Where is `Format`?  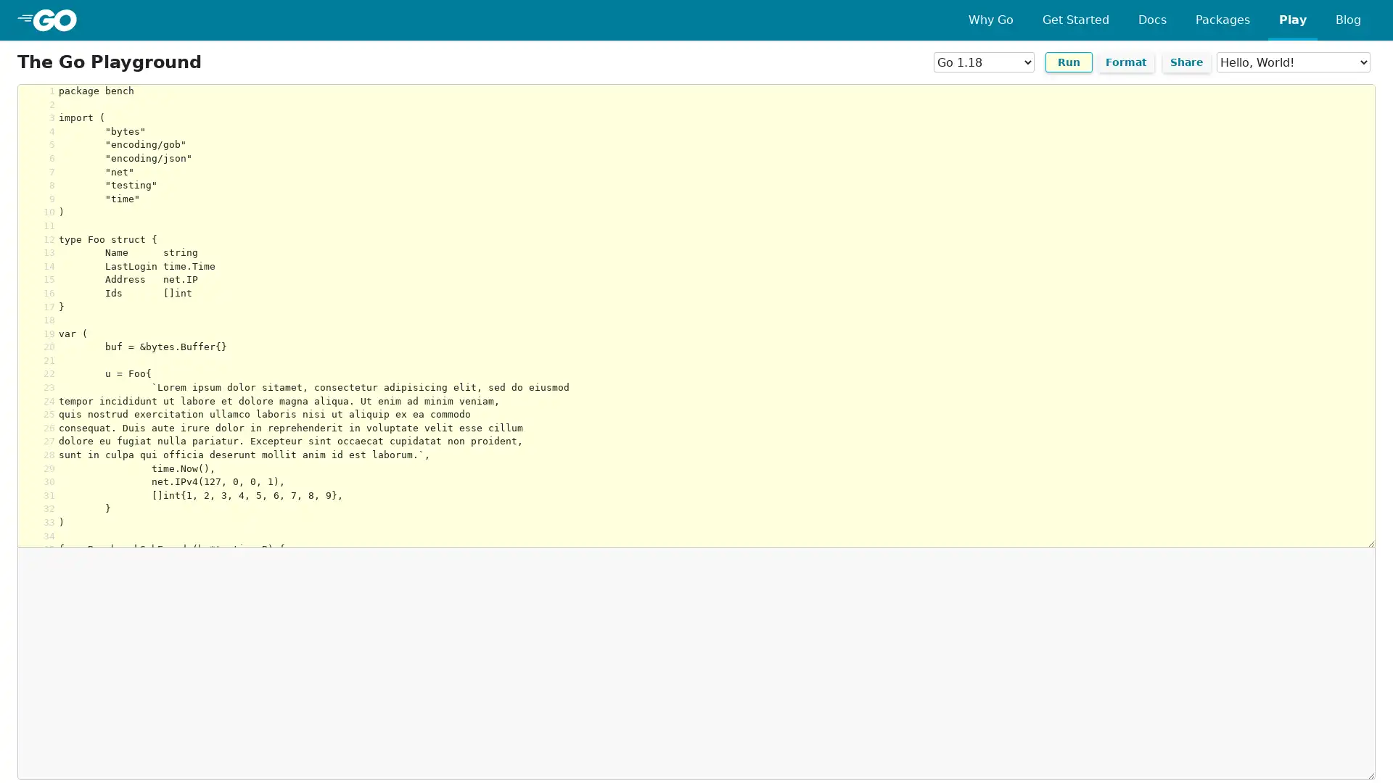
Format is located at coordinates (1125, 61).